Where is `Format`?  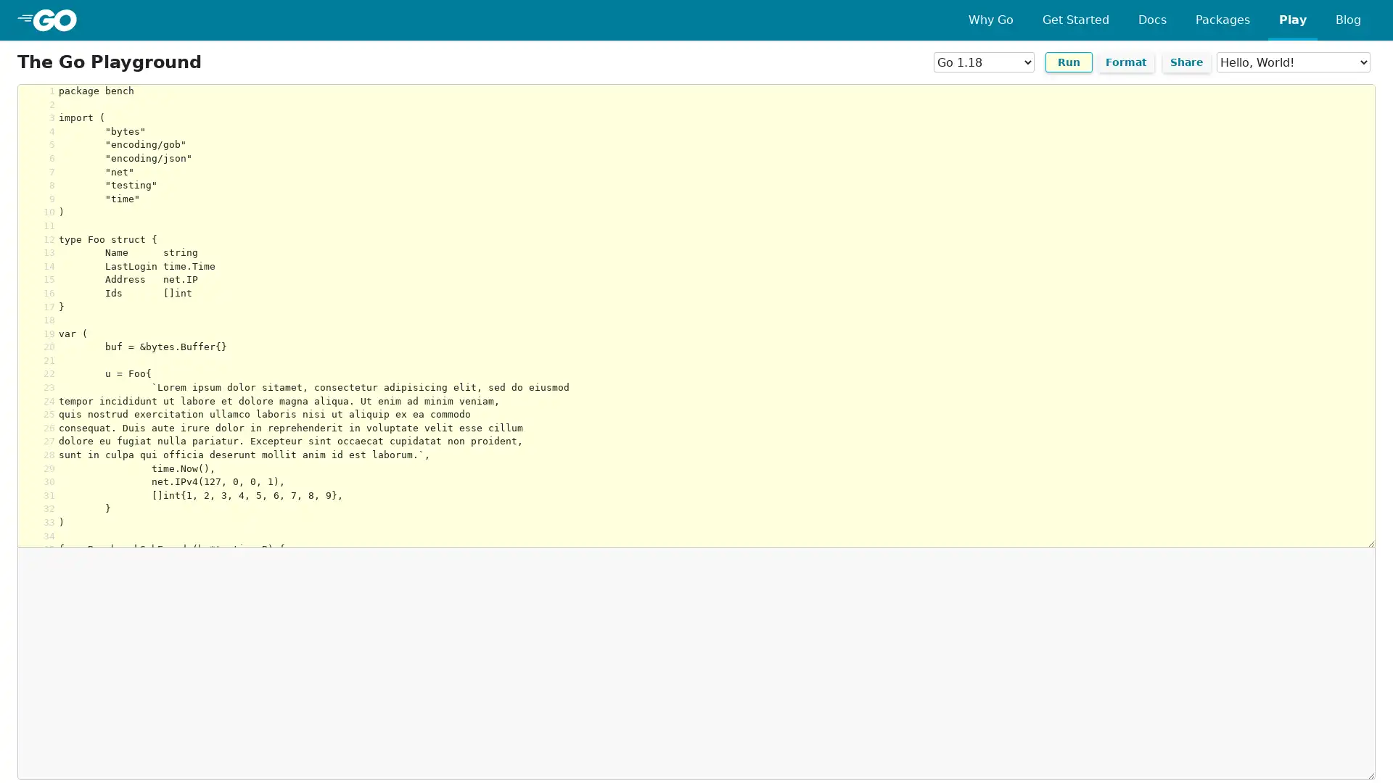
Format is located at coordinates (1125, 61).